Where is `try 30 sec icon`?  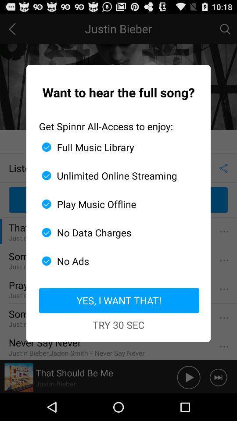
try 30 sec icon is located at coordinates (118, 324).